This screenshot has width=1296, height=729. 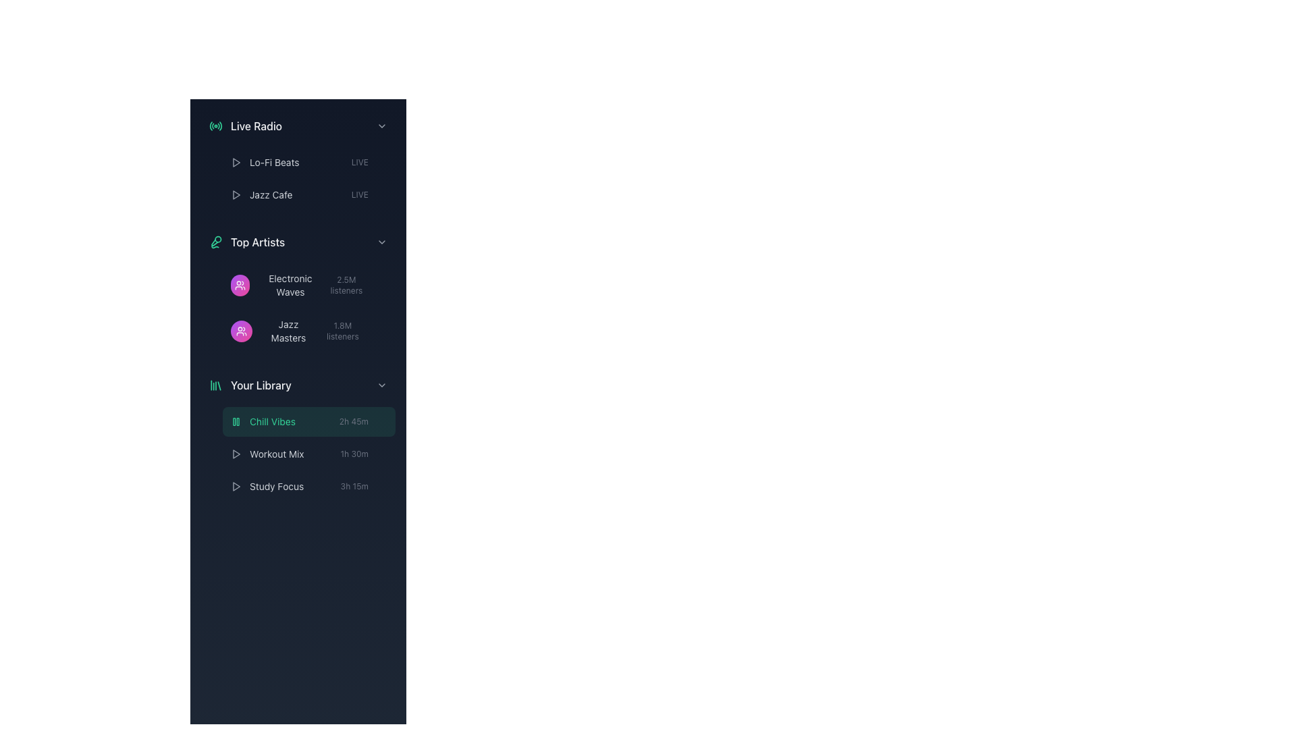 I want to click on the 'Electronic Waves' static text label in the 'Top Artists' section of the sidebar, so click(x=276, y=285).